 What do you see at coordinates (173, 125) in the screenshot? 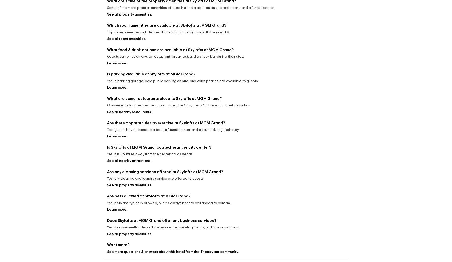
I see `'Yes, guests have access to a pool, a fitness center, and a sauna during their stay.'` at bounding box center [173, 125].